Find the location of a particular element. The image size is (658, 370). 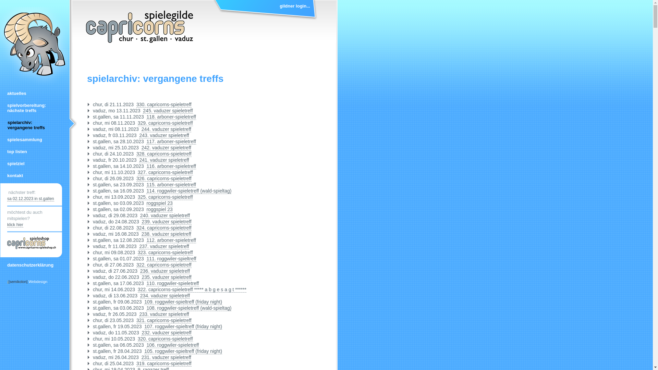

'328. capricorns-spieletreff' is located at coordinates (163, 153).